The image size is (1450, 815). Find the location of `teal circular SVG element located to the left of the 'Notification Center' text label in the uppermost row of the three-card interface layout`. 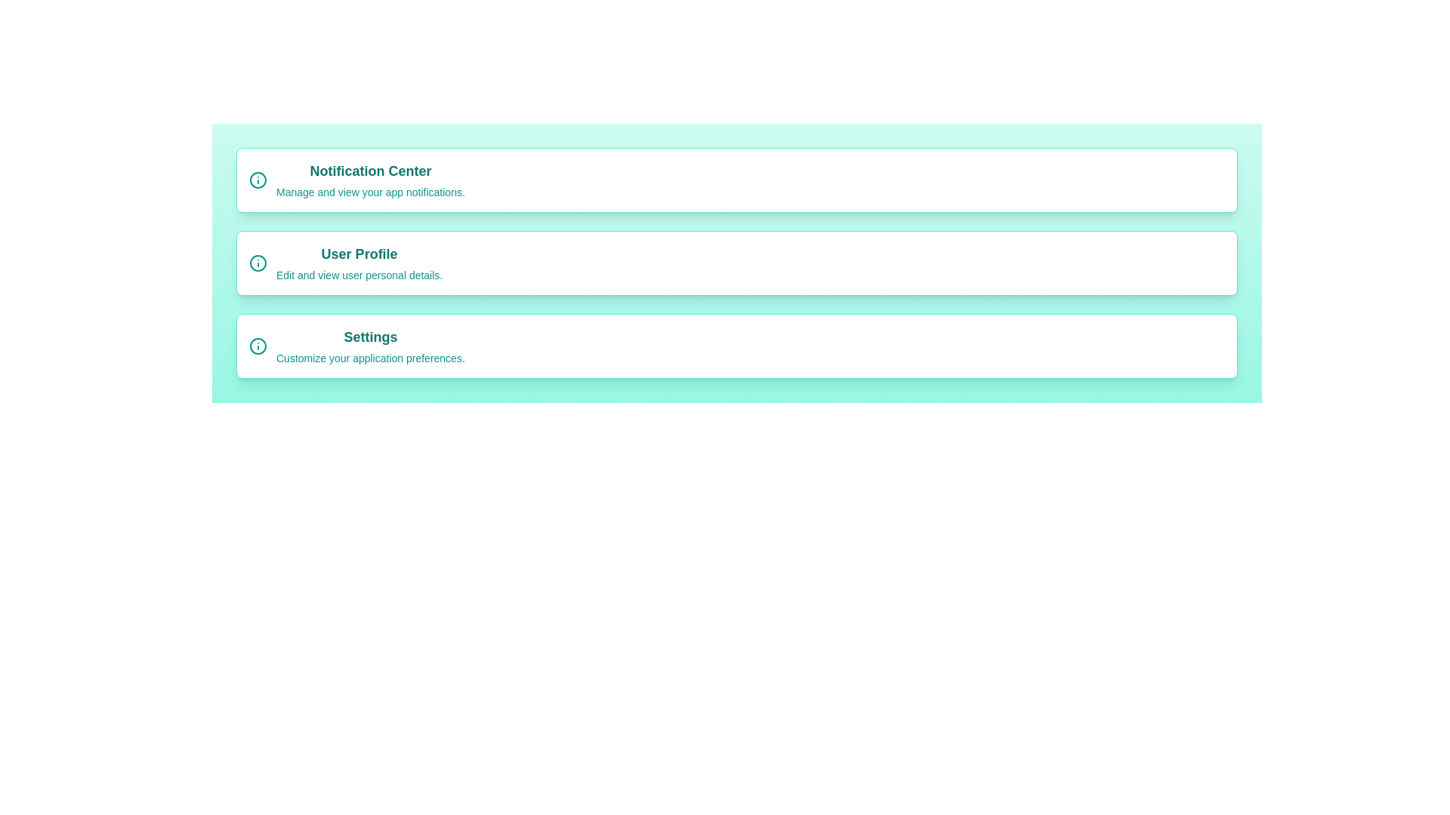

teal circular SVG element located to the left of the 'Notification Center' text label in the uppermost row of the three-card interface layout is located at coordinates (258, 180).